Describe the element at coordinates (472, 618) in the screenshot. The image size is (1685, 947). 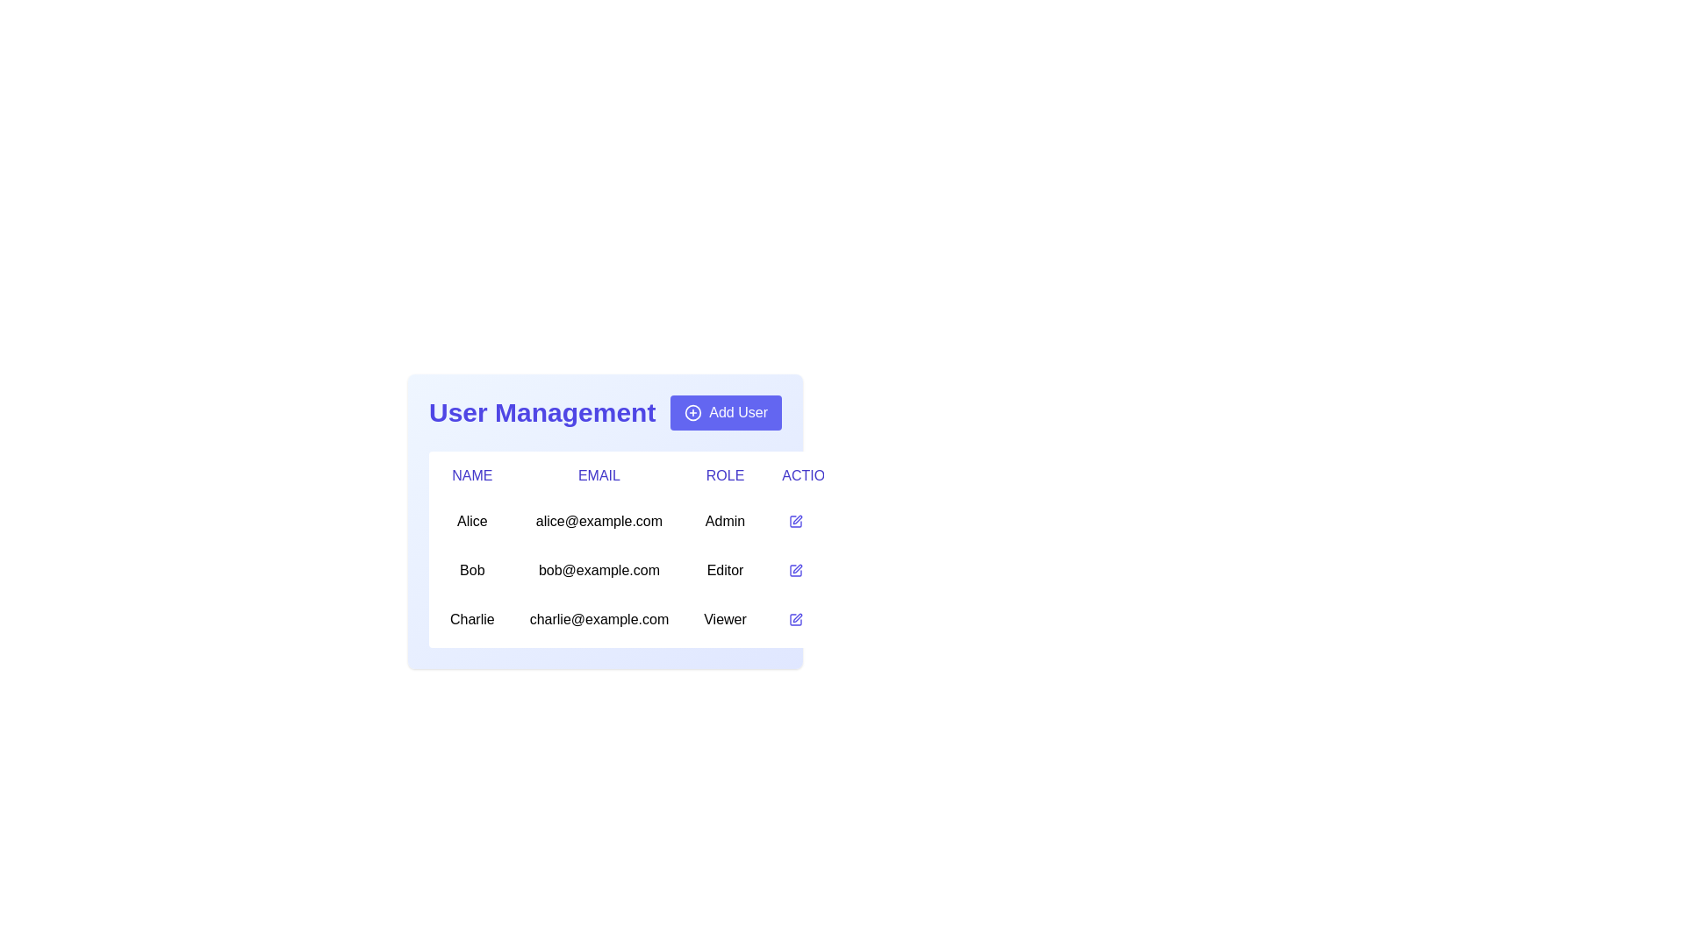
I see `the Text display containing the text 'Charlie', which is the first item under the 'Name' column in the third row of the user table` at that location.